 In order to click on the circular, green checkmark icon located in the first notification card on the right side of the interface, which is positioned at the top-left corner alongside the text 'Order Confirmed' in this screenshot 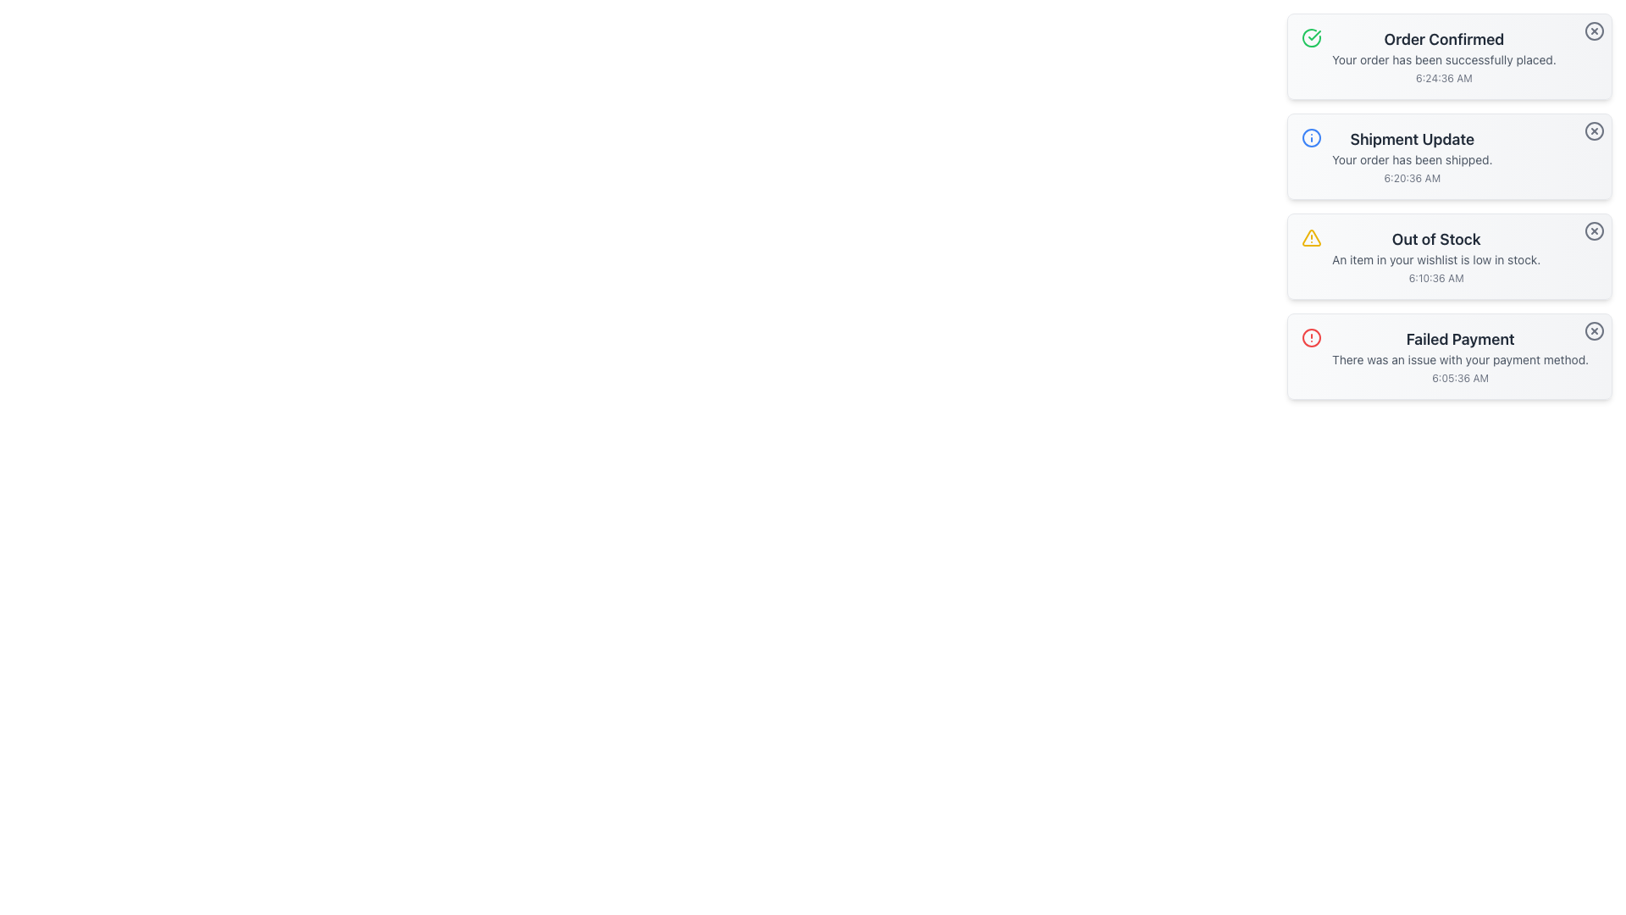, I will do `click(1311, 38)`.